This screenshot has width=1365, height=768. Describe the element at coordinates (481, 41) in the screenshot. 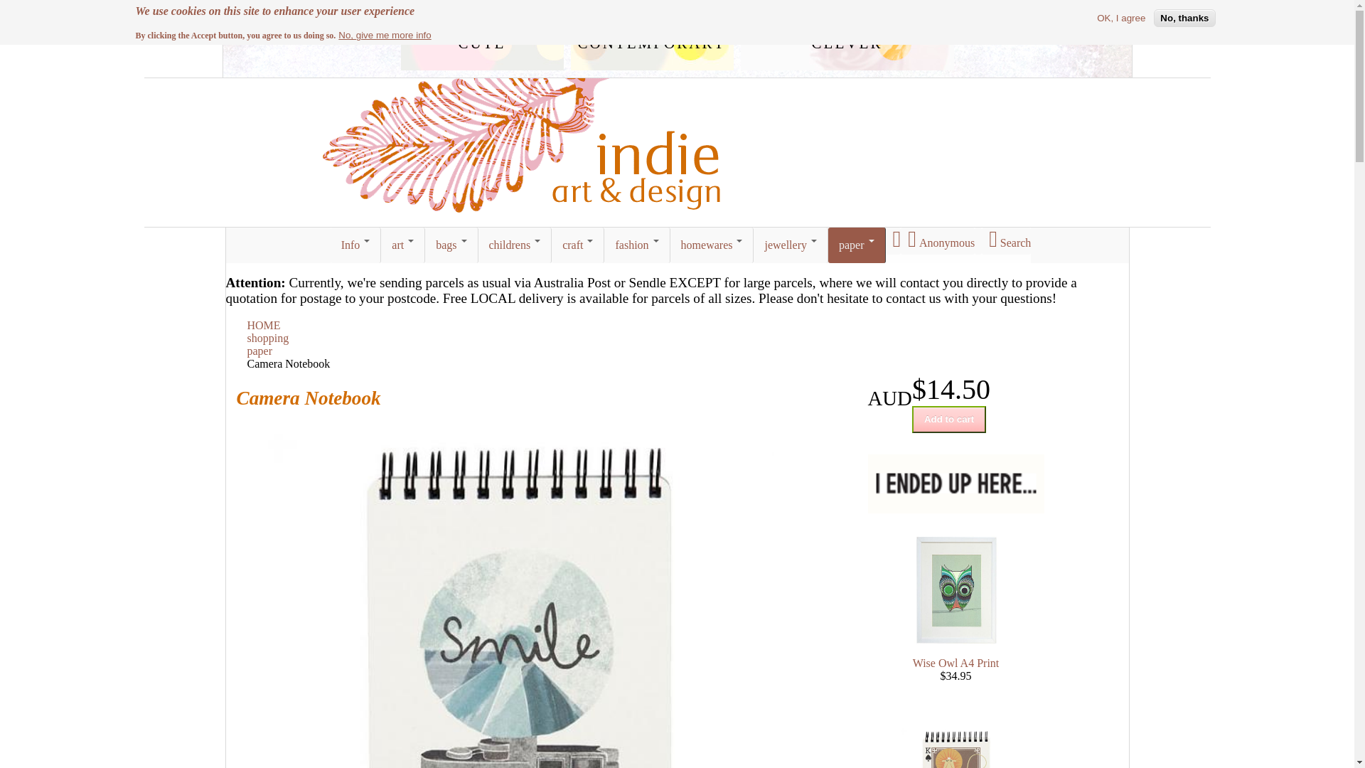

I see `'cute'` at that location.